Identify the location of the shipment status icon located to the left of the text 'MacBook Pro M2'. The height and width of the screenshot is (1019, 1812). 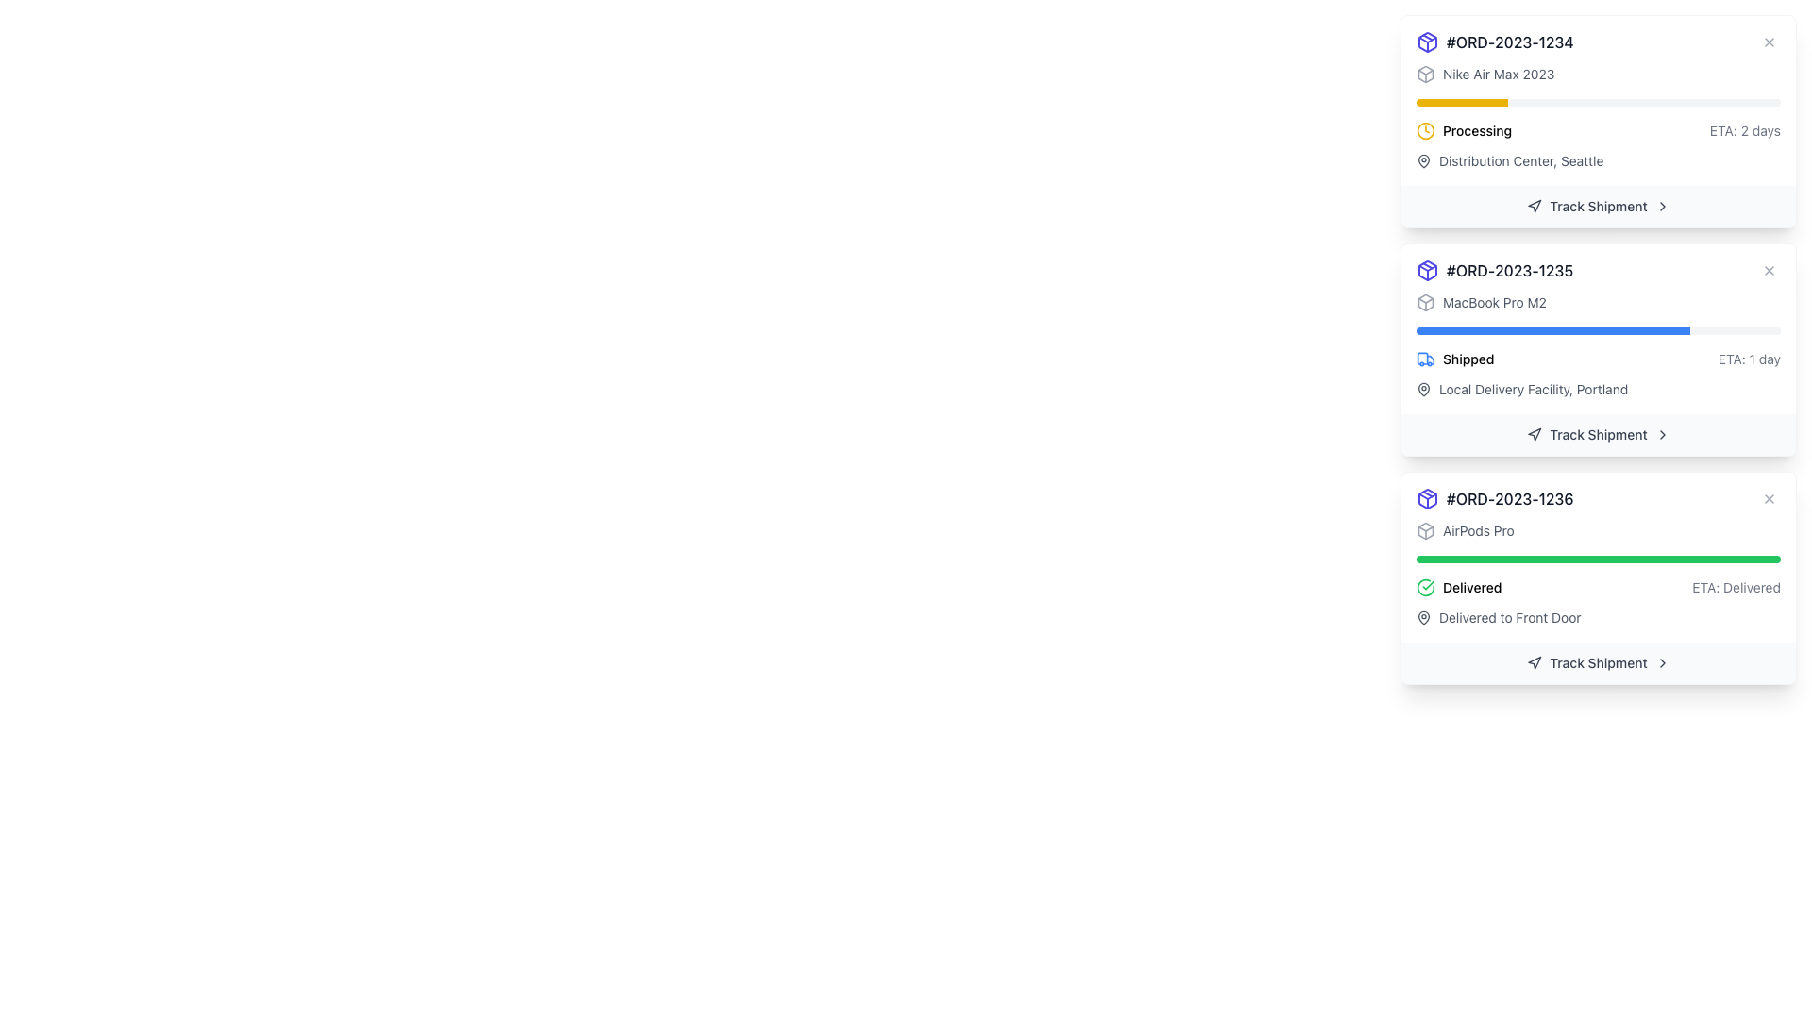
(1426, 301).